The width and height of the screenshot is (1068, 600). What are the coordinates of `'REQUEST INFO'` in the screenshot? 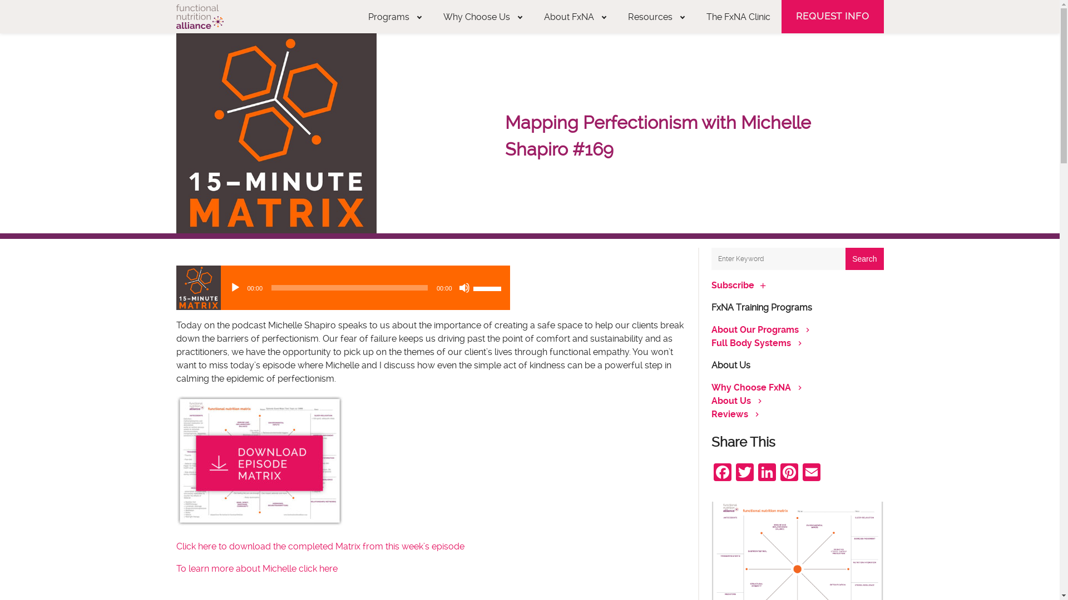 It's located at (832, 17).